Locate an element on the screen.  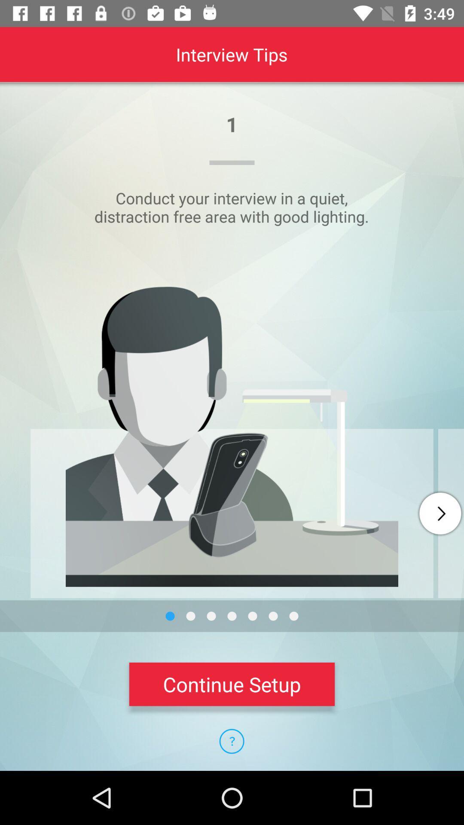
the help icon is located at coordinates (231, 741).